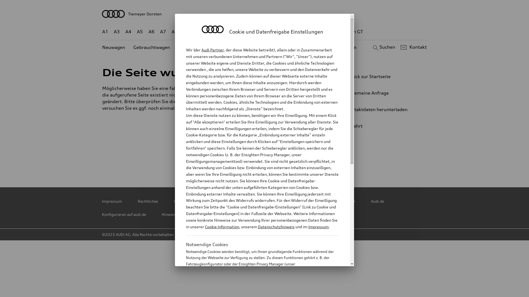 This screenshot has height=297, width=529. What do you see at coordinates (148, 201) in the screenshot?
I see `'Rechtliches'` at bounding box center [148, 201].